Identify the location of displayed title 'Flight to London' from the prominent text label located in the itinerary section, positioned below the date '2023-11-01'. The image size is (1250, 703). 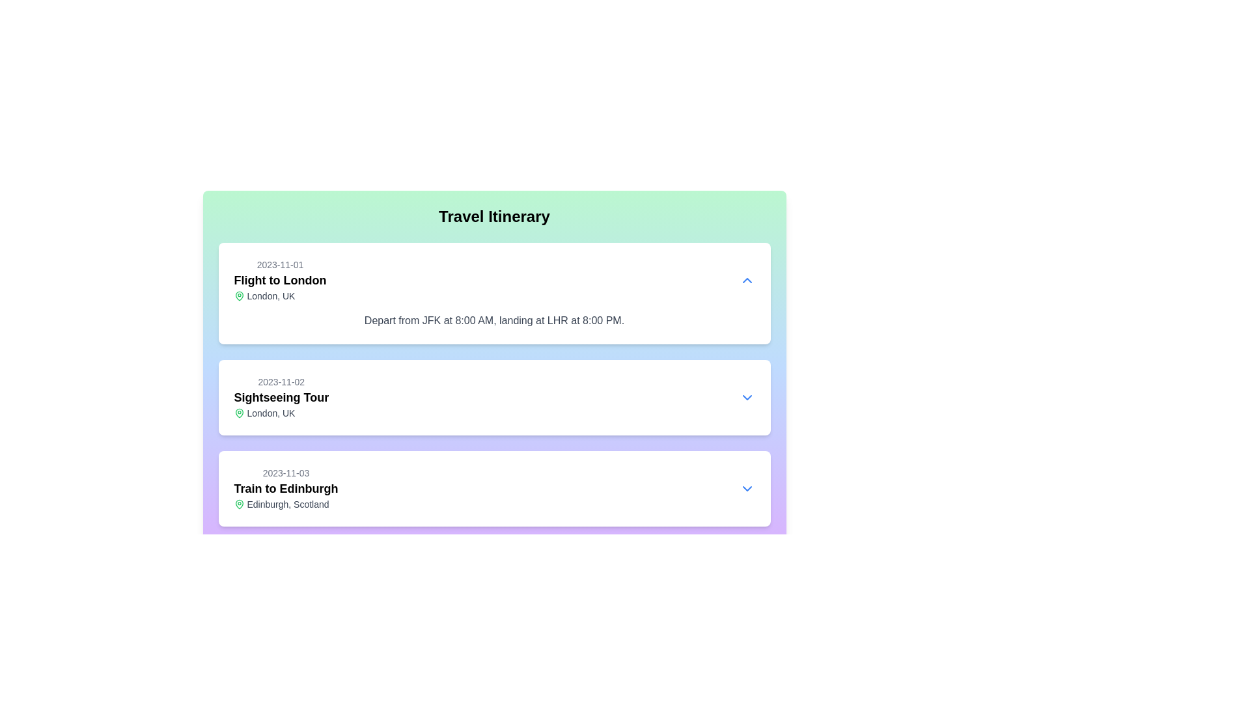
(279, 280).